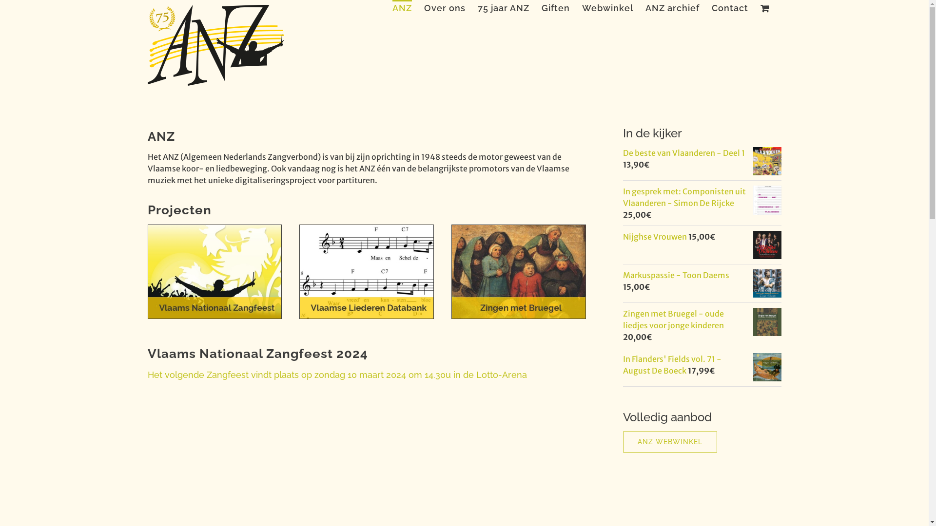 This screenshot has width=936, height=526. I want to click on 'Zingen met Bruegel - oude liedjes voor jonge kinderen', so click(673, 319).